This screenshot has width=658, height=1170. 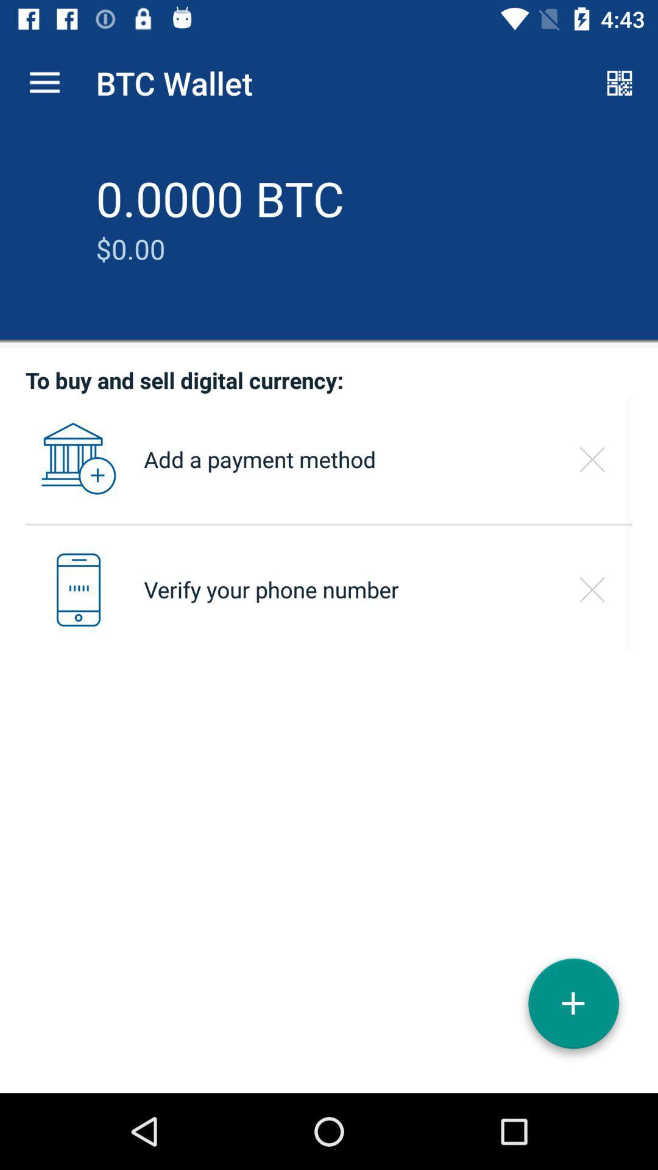 What do you see at coordinates (573, 1008) in the screenshot?
I see `the add icon` at bounding box center [573, 1008].